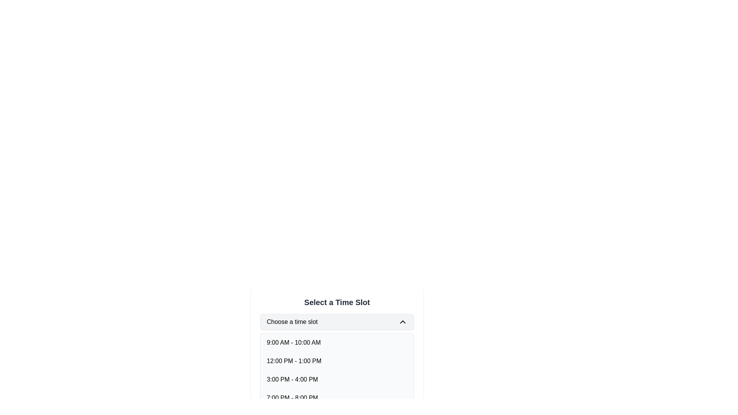 The image size is (738, 415). Describe the element at coordinates (292, 398) in the screenshot. I see `the fourth option in the dropdown menu titled 'Select a Time Slot'` at that location.